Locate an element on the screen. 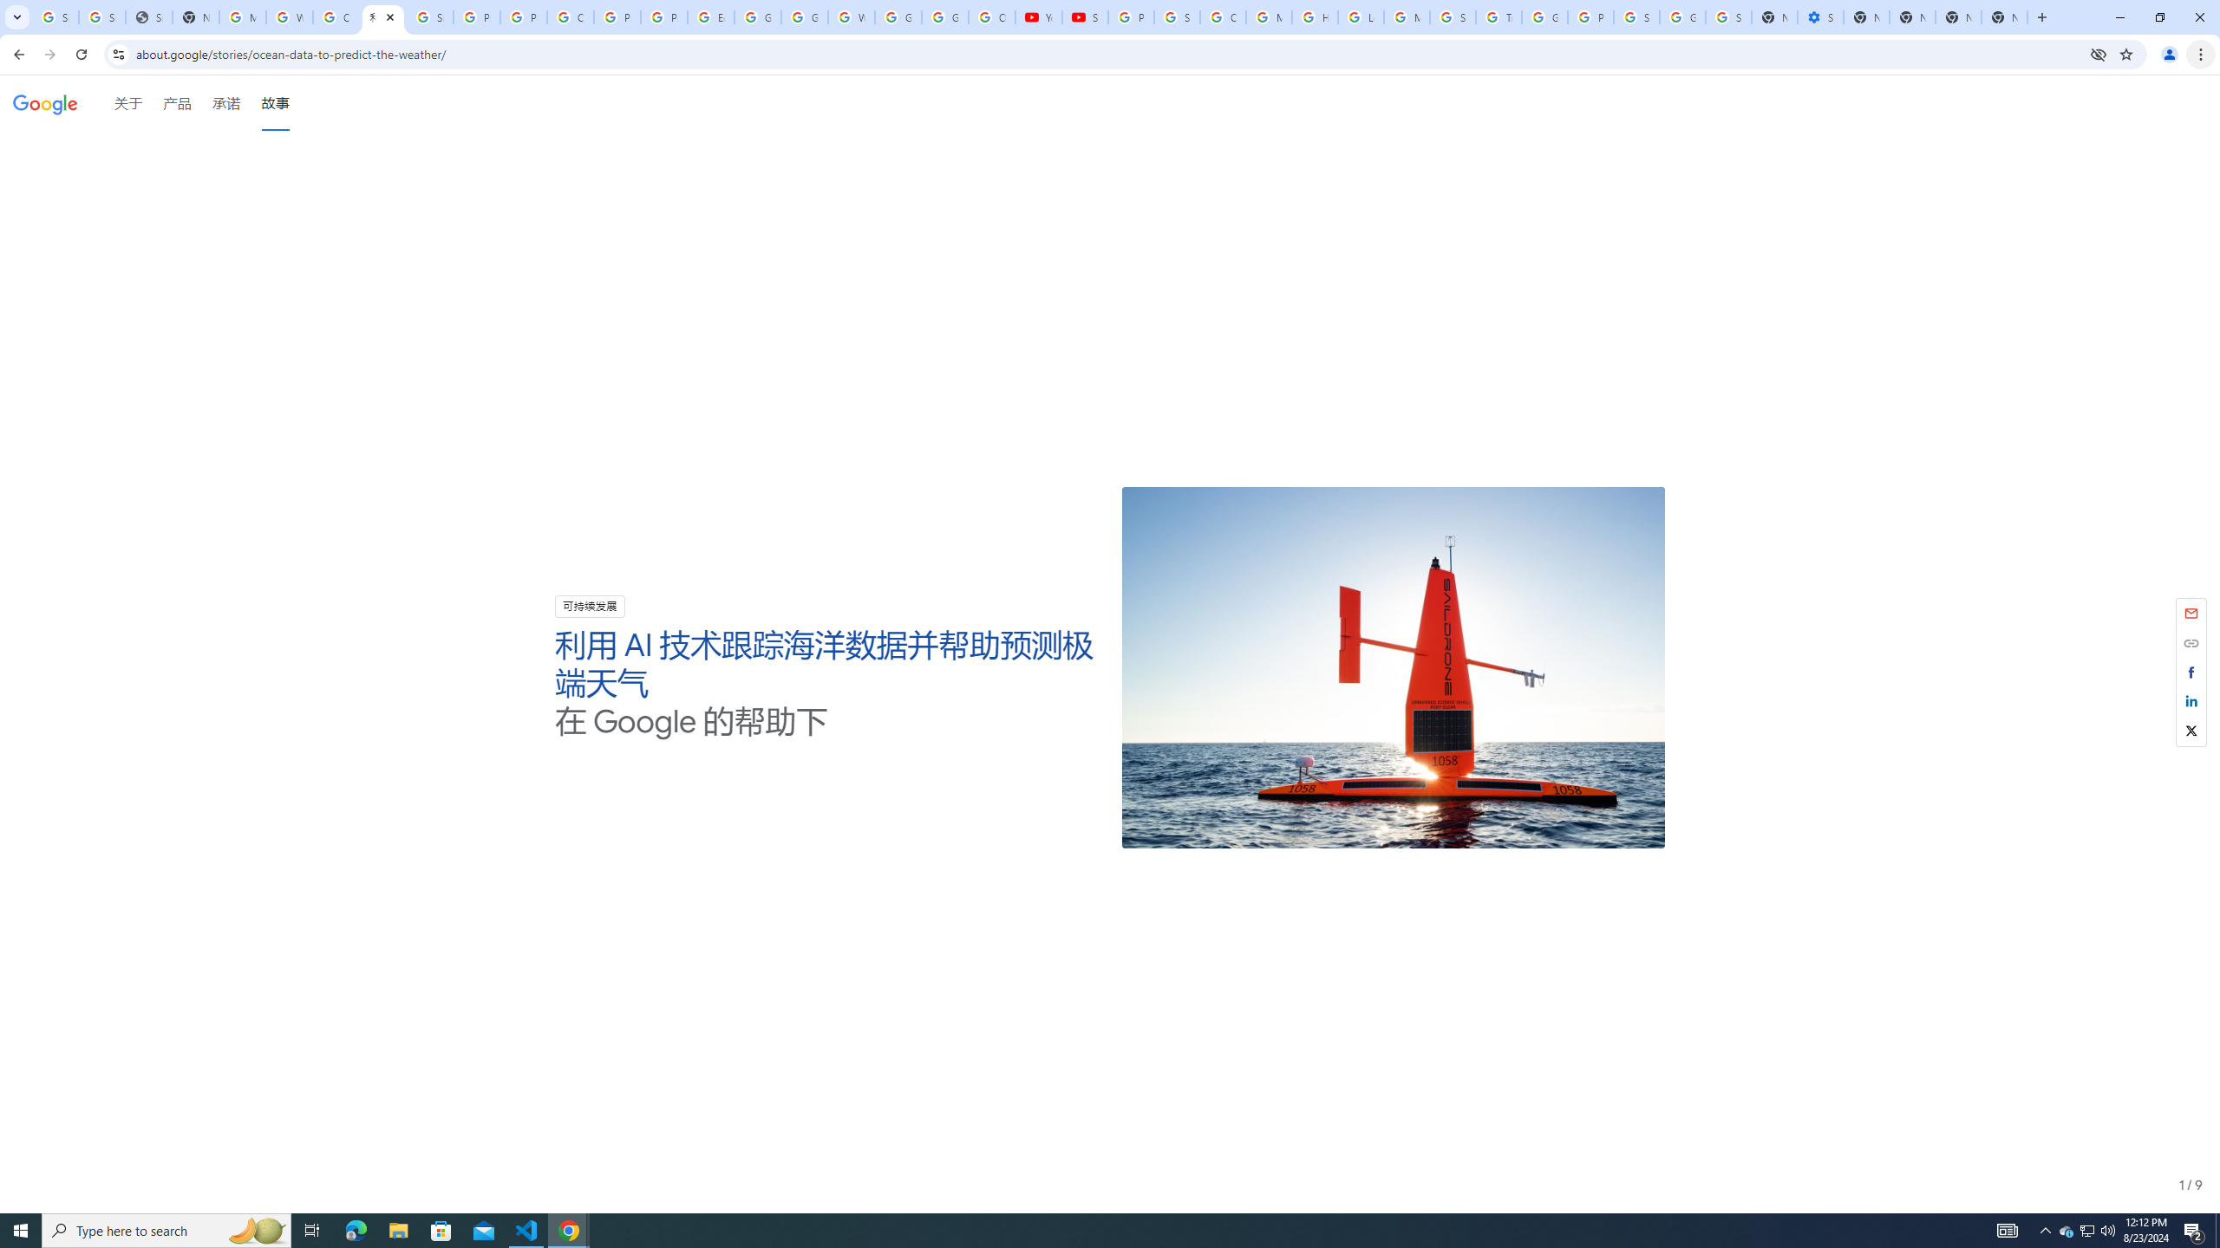 The width and height of the screenshot is (2220, 1248). 'YouTube' is located at coordinates (1039, 16).